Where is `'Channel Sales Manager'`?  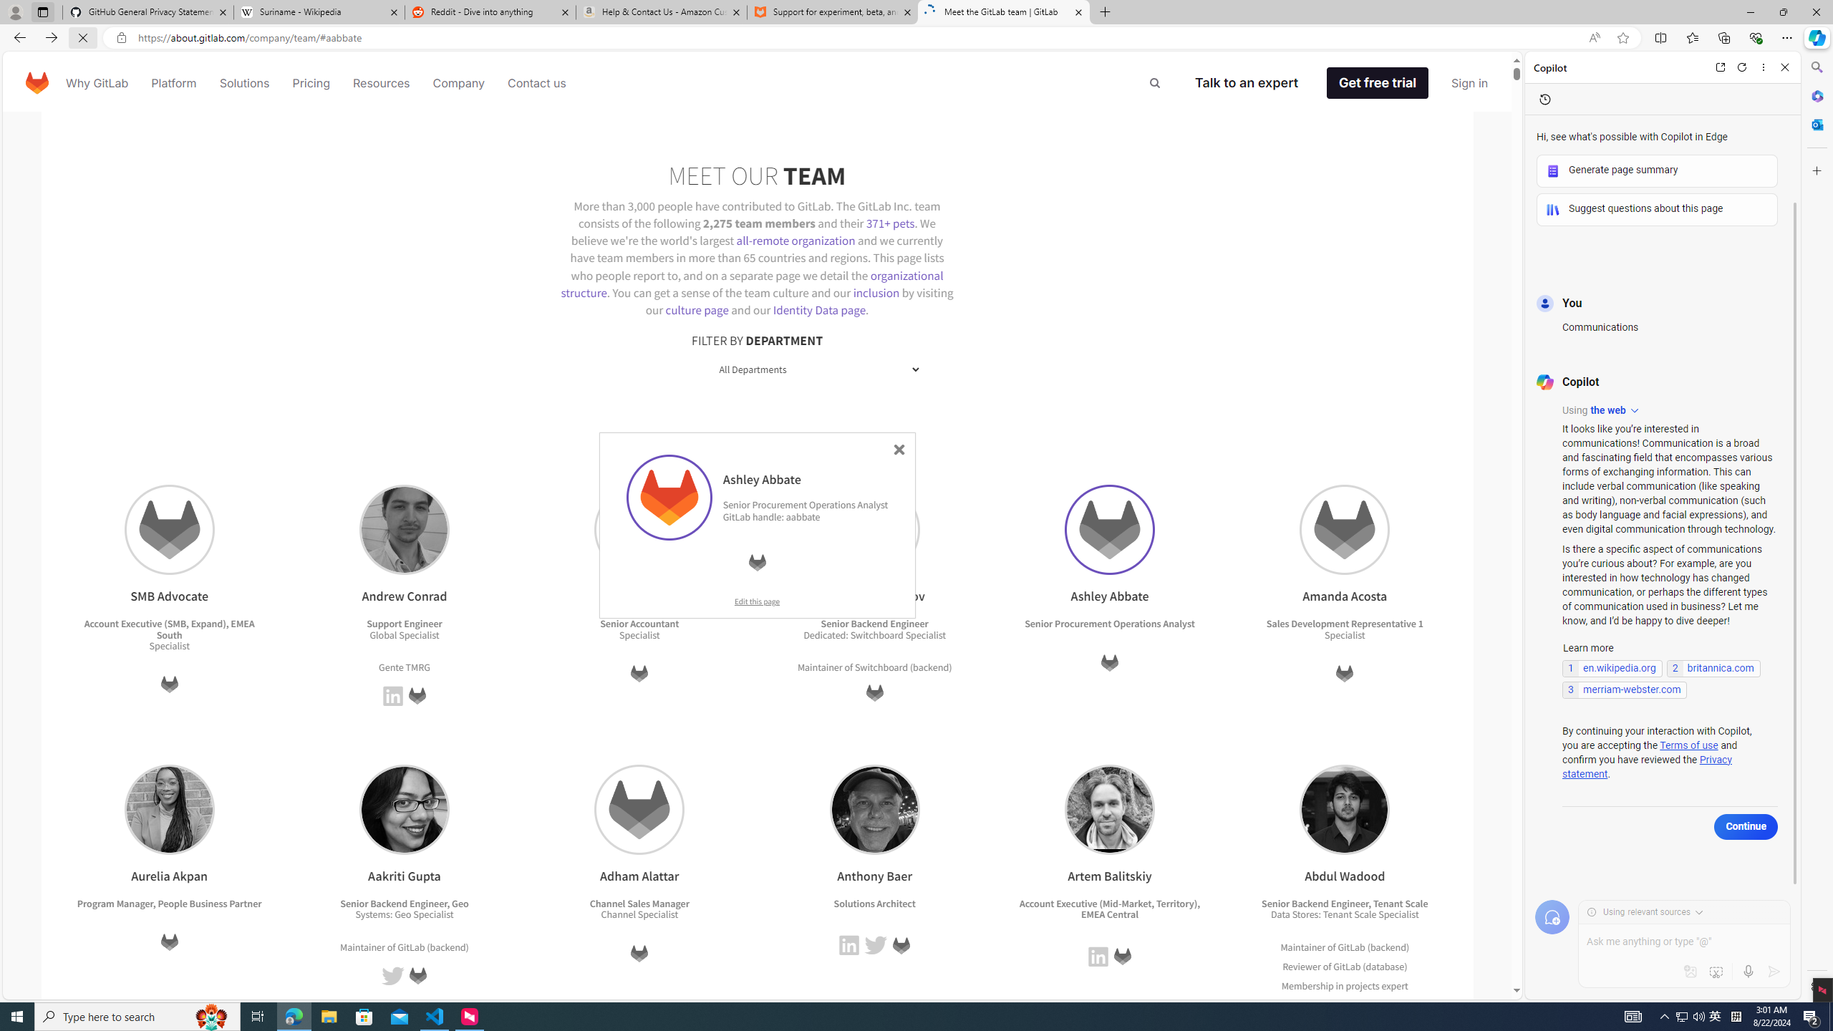 'Channel Sales Manager' is located at coordinates (639, 902).